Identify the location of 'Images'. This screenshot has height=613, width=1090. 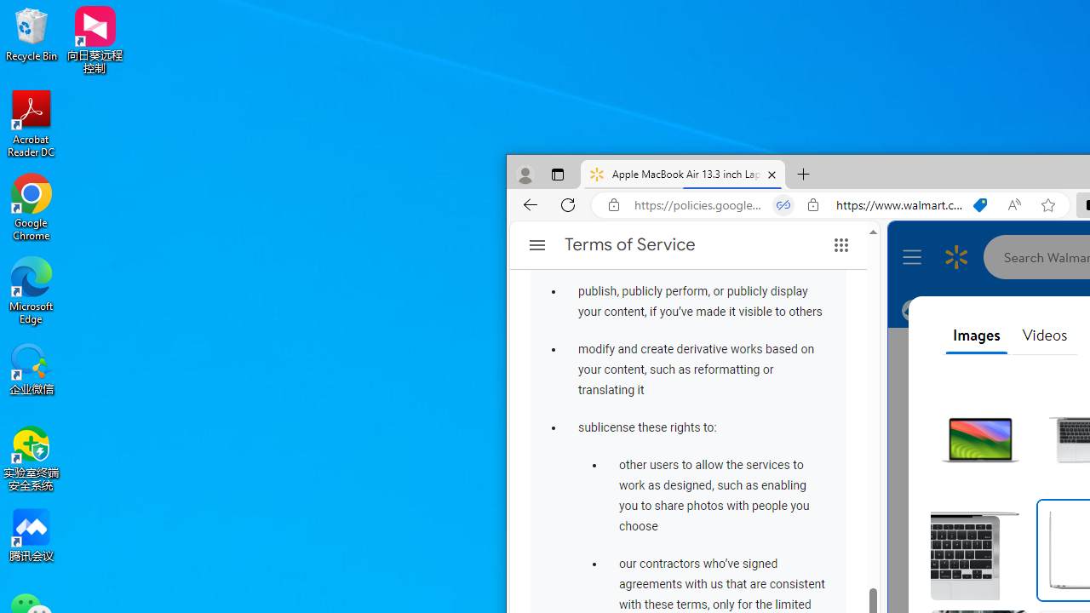
(976, 335).